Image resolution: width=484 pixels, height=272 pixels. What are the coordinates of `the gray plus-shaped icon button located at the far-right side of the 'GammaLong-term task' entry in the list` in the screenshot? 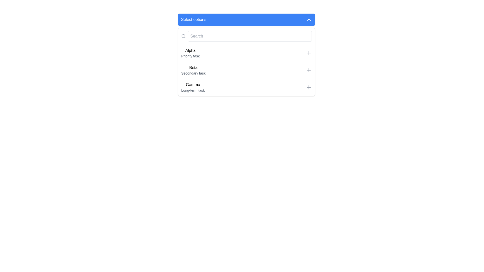 It's located at (308, 87).